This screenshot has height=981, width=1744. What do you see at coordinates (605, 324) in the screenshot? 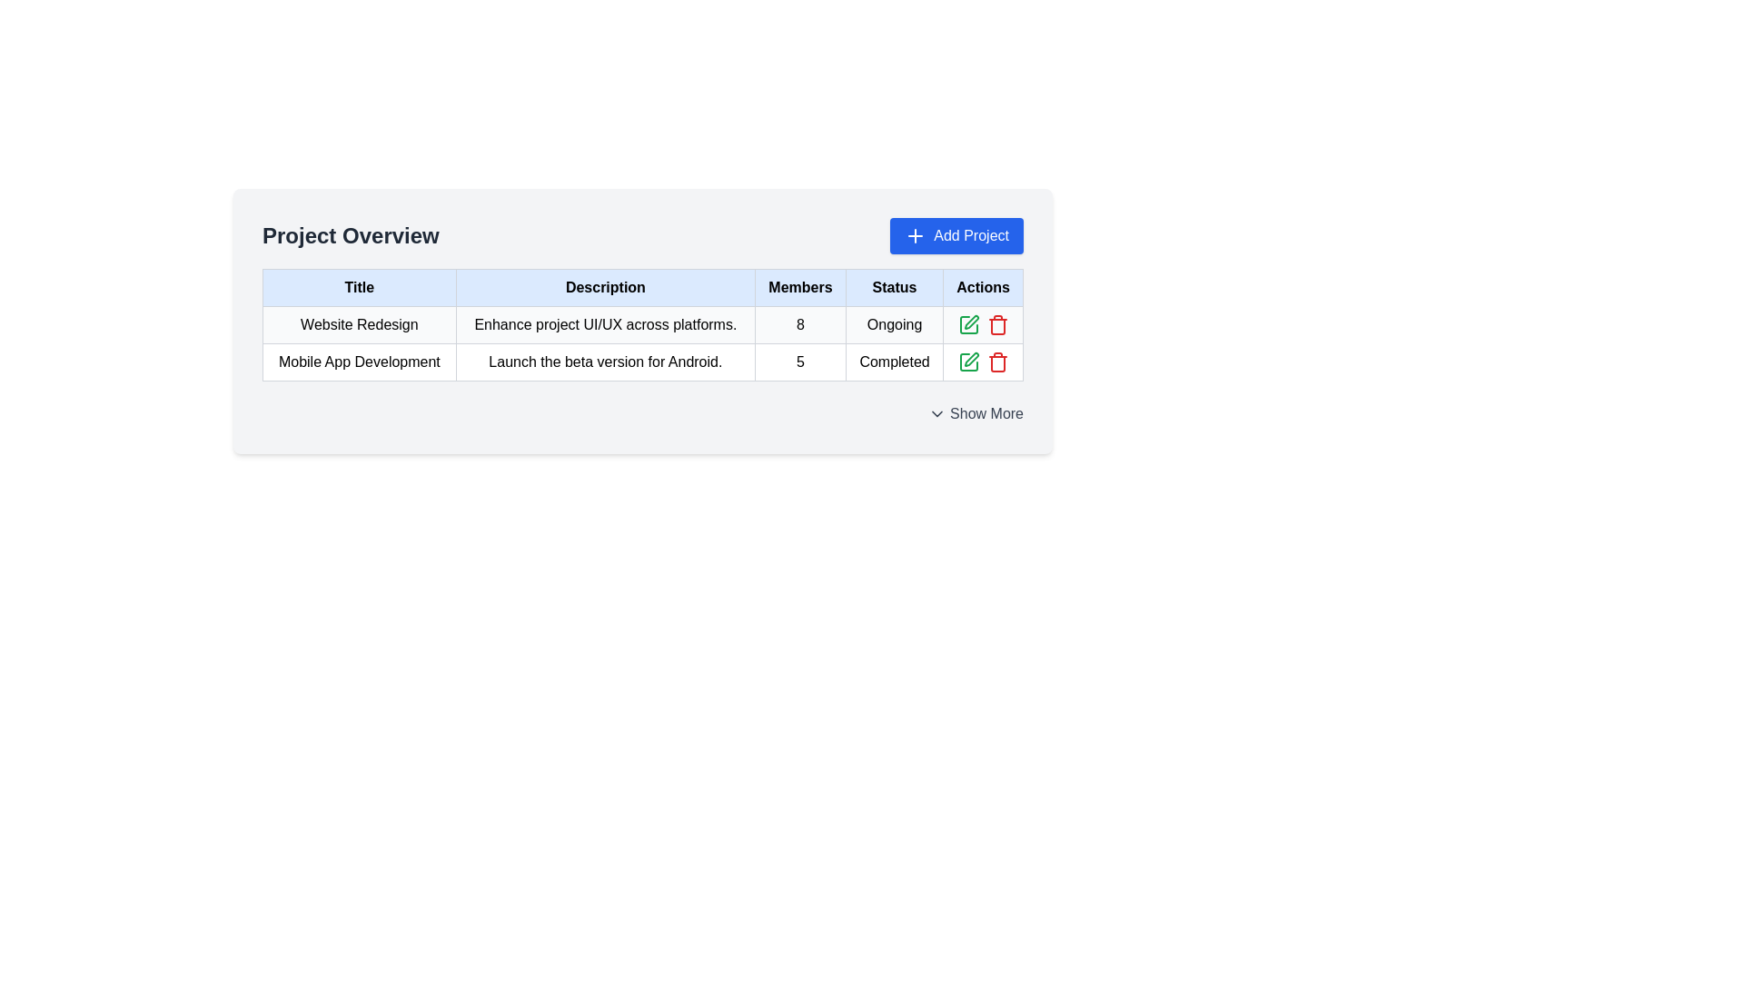
I see `information displayed in the Text cell located in the Description column of the first row, adjacent to the 'Website Redesign' cell` at bounding box center [605, 324].